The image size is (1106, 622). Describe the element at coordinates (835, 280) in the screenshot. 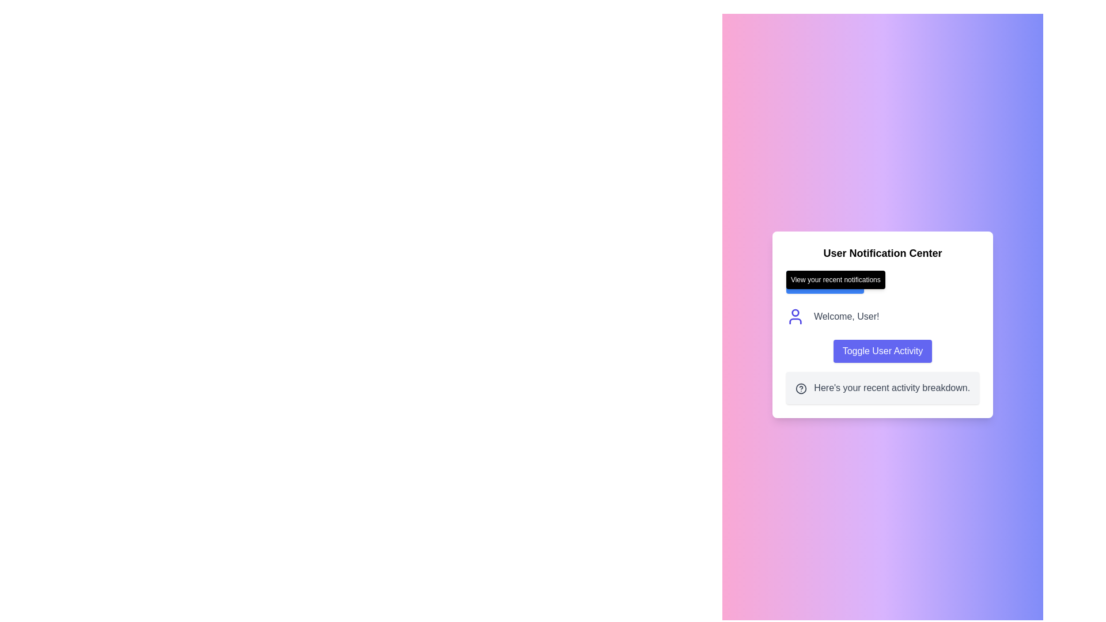

I see `the content of the tooltip displaying 'View your recent notifications' located near the Notifications button` at that location.